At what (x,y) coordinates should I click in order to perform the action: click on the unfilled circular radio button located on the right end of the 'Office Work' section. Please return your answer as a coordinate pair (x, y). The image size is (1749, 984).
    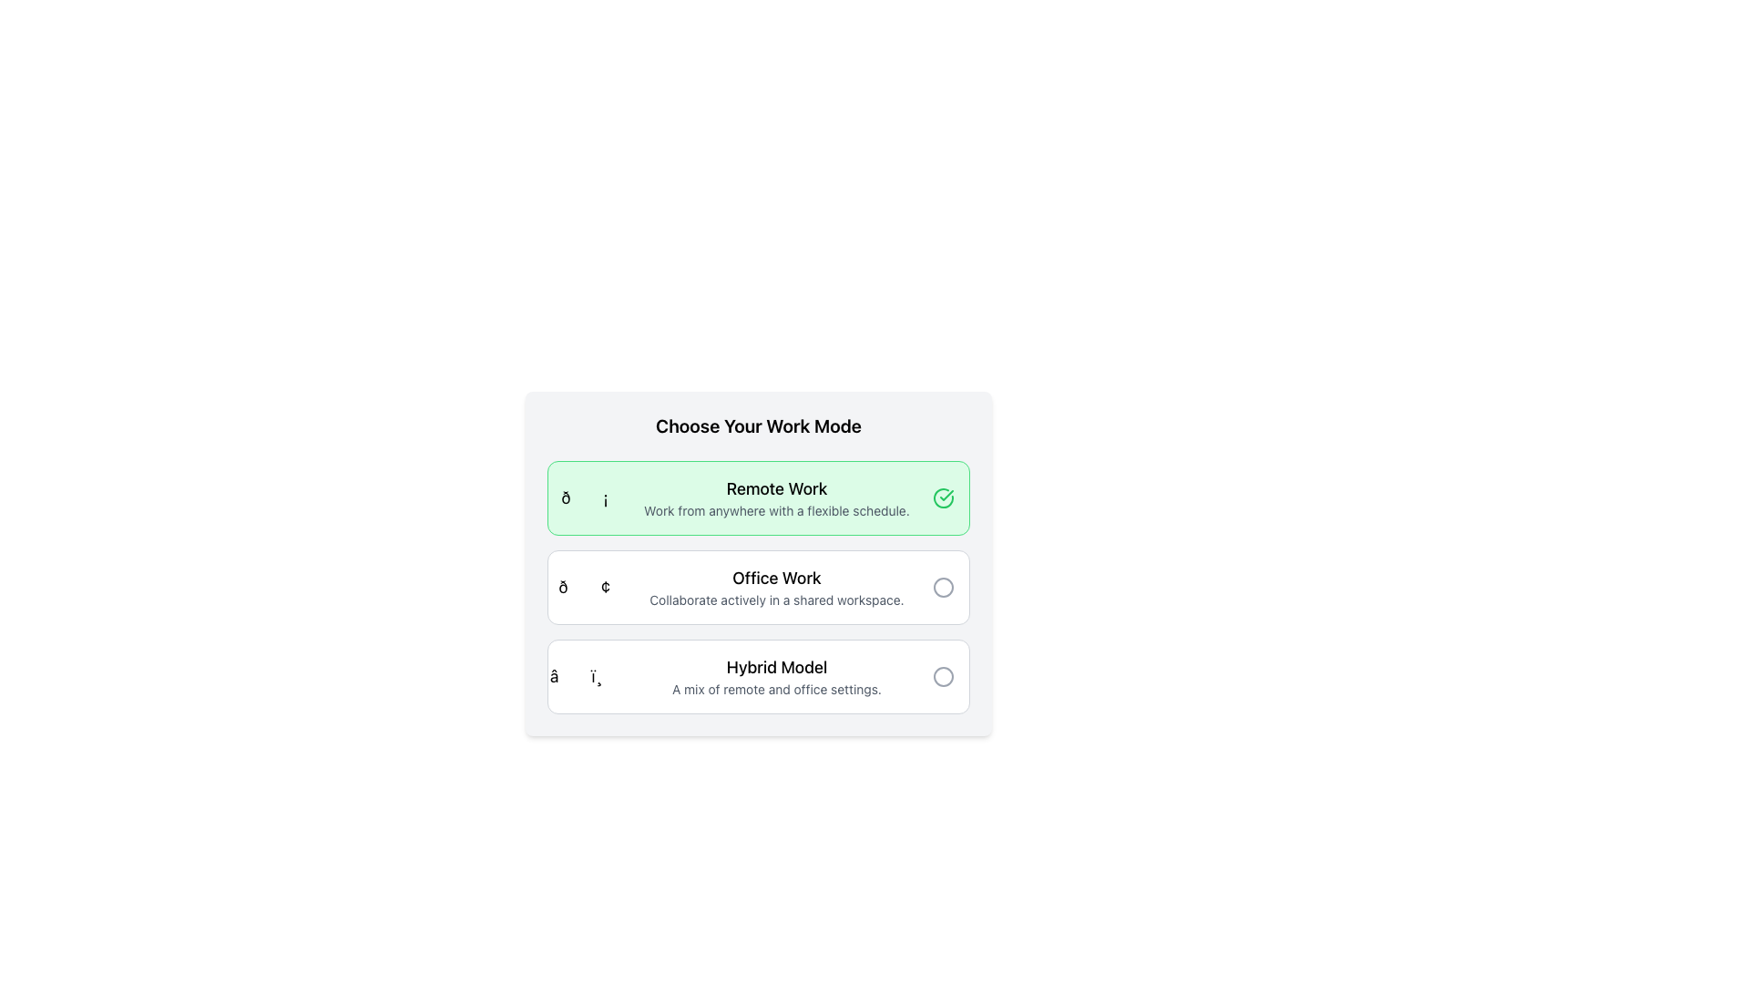
    Looking at the image, I should click on (944, 587).